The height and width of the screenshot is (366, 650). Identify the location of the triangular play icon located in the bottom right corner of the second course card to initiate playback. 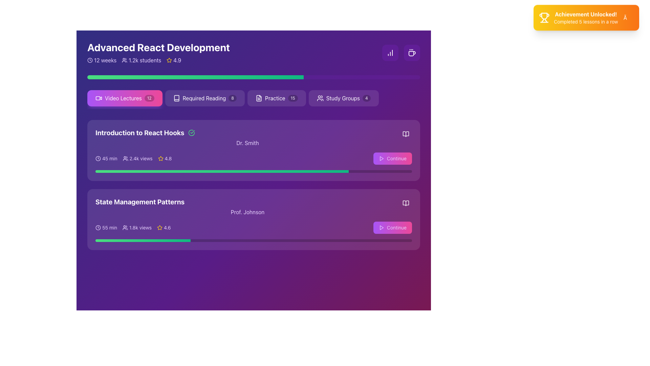
(382, 158).